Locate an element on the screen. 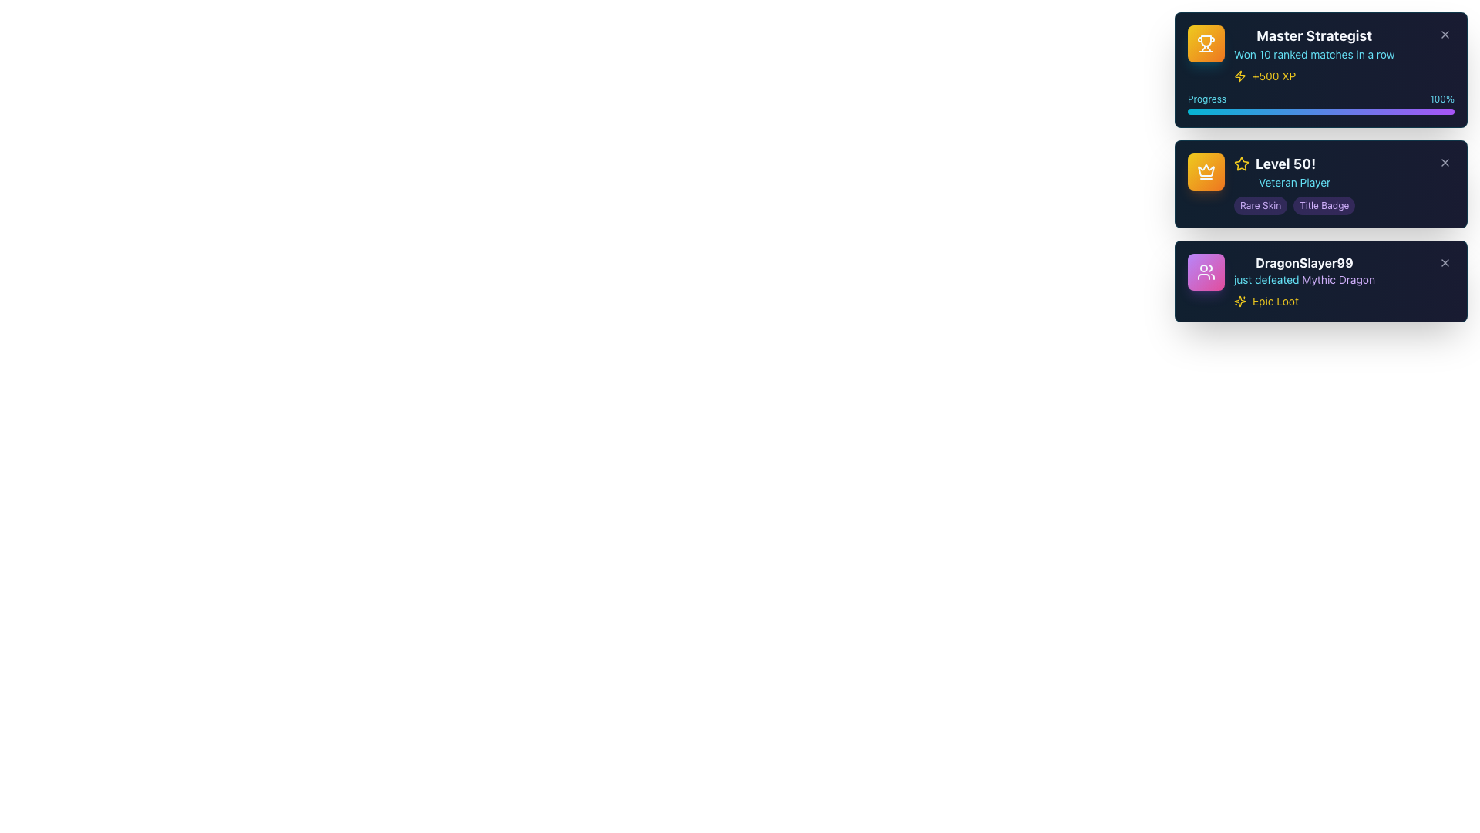  the Text Display that shows 'DragonSlayer99' in bold white font, with 'just defeated Mythic Dragon' in smaller cyan font and 'Mythic Dragon' highlighted in purple, along with 'Epic Loot' in yellow next to a star-shaped icon is located at coordinates (1303, 282).